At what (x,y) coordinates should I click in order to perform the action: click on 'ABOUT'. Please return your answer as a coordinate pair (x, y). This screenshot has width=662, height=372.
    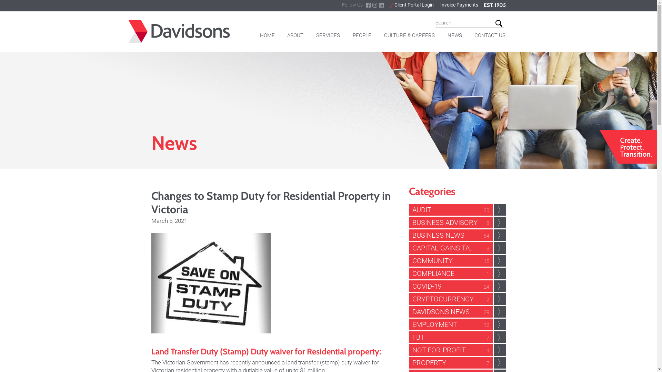
    Looking at the image, I should click on (295, 37).